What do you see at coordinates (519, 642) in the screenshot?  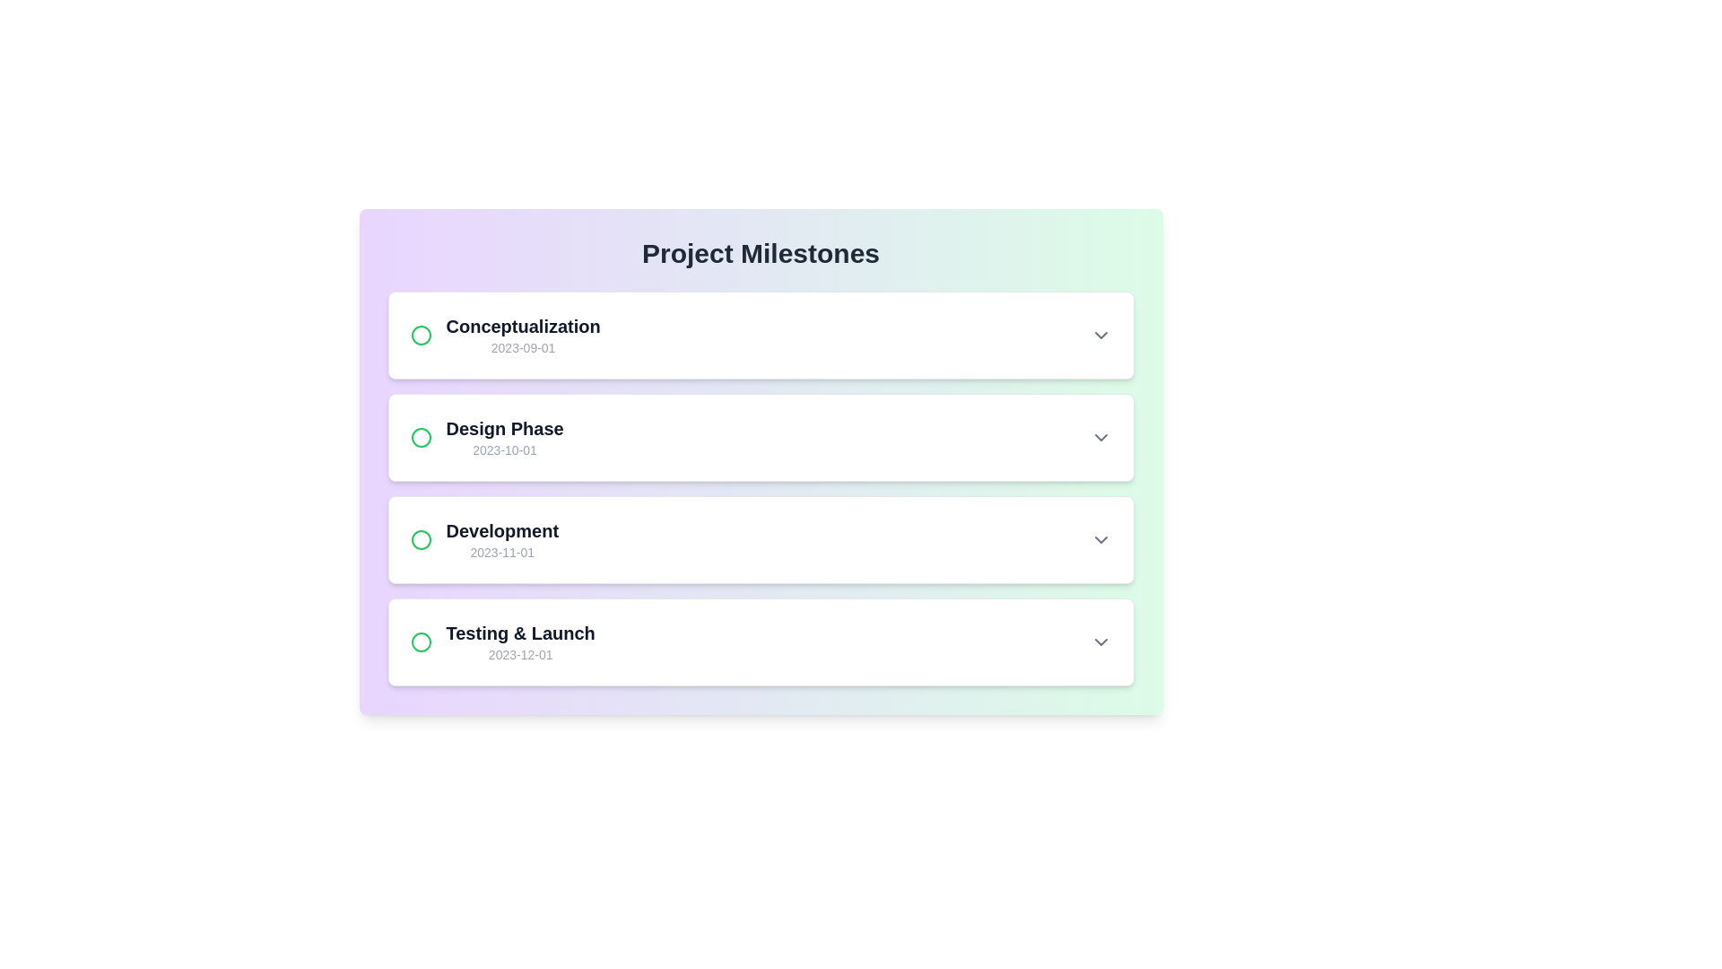 I see `the Text block containing 'Testing & Launch' and '2023-12-01', which is the fourth item in the milestone list located at the bottom, underneath 'Development'` at bounding box center [519, 642].